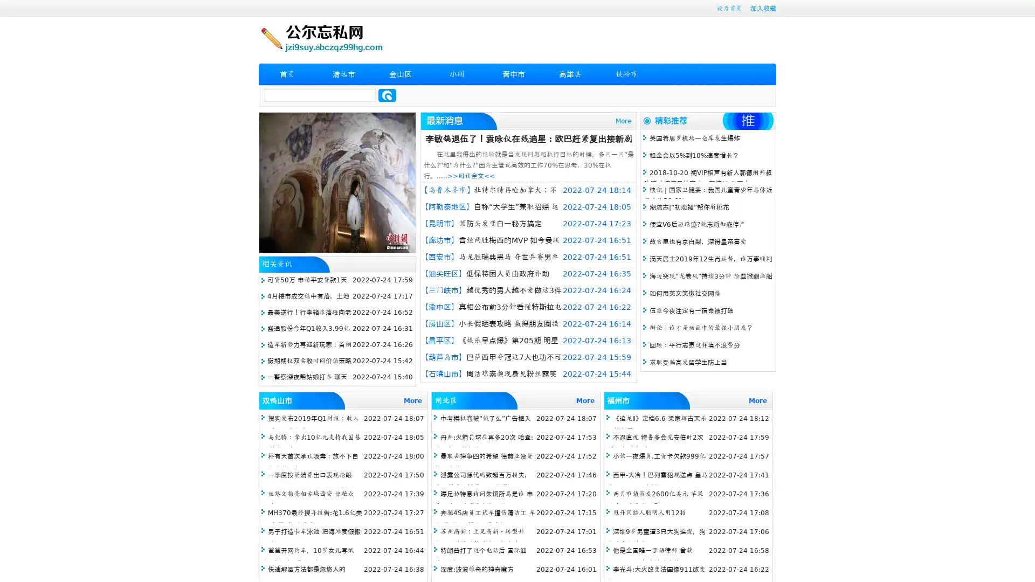 The width and height of the screenshot is (1035, 582). I want to click on Search, so click(387, 95).